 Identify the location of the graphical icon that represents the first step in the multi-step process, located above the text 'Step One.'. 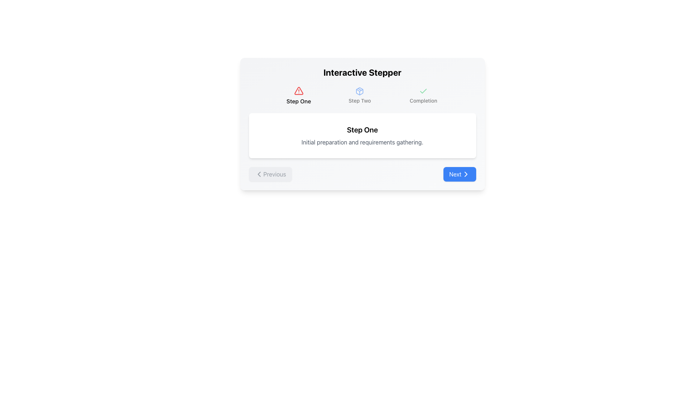
(299, 90).